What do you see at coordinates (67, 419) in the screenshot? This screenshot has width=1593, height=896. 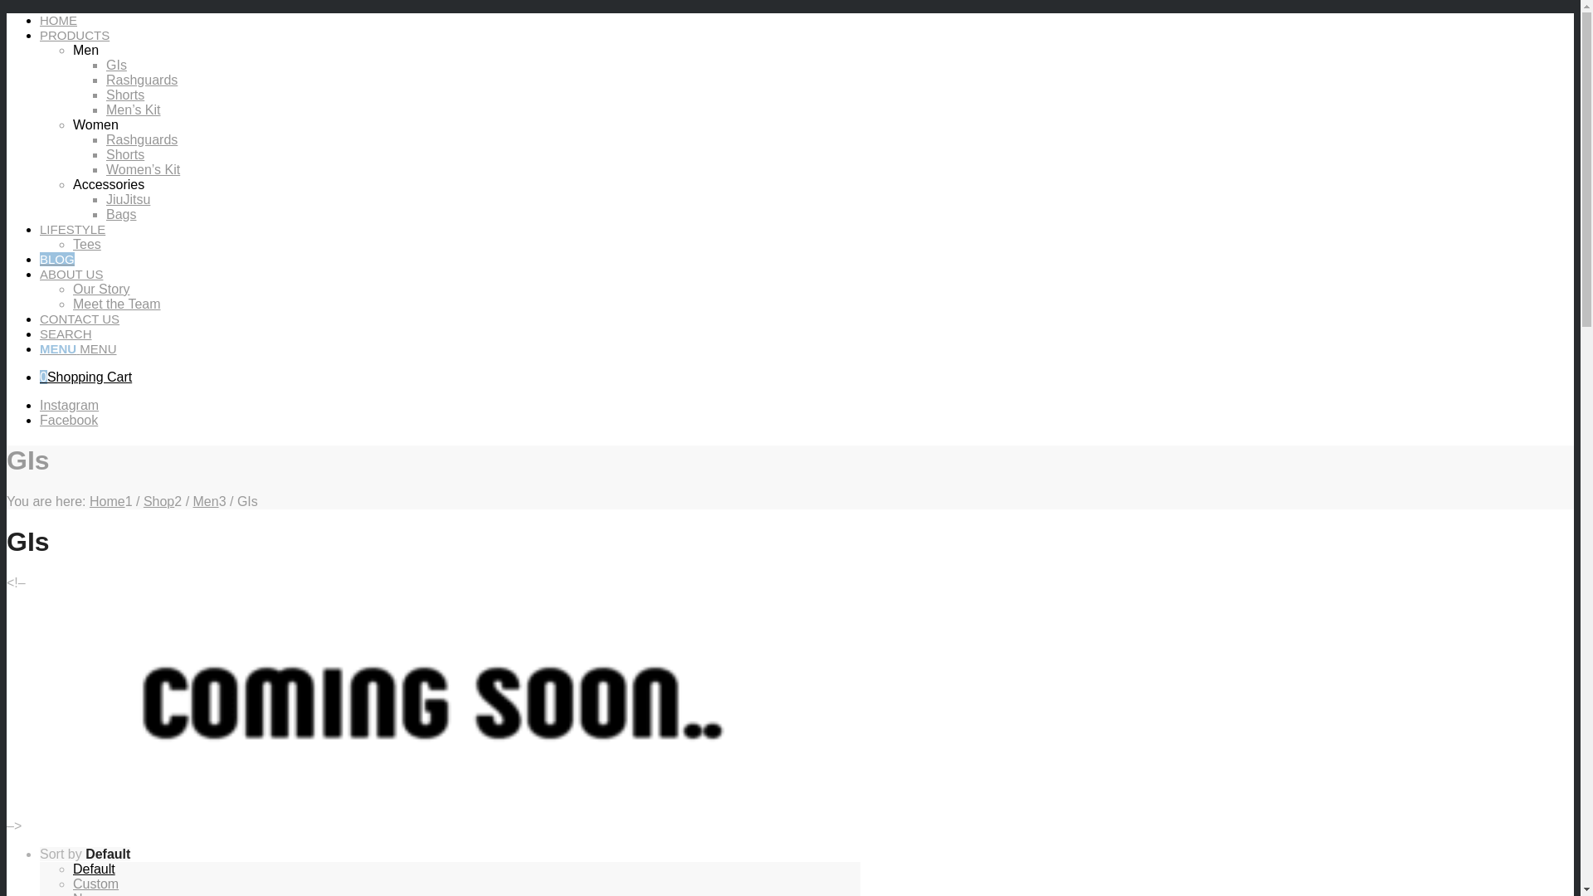 I see `'Facebook'` at bounding box center [67, 419].